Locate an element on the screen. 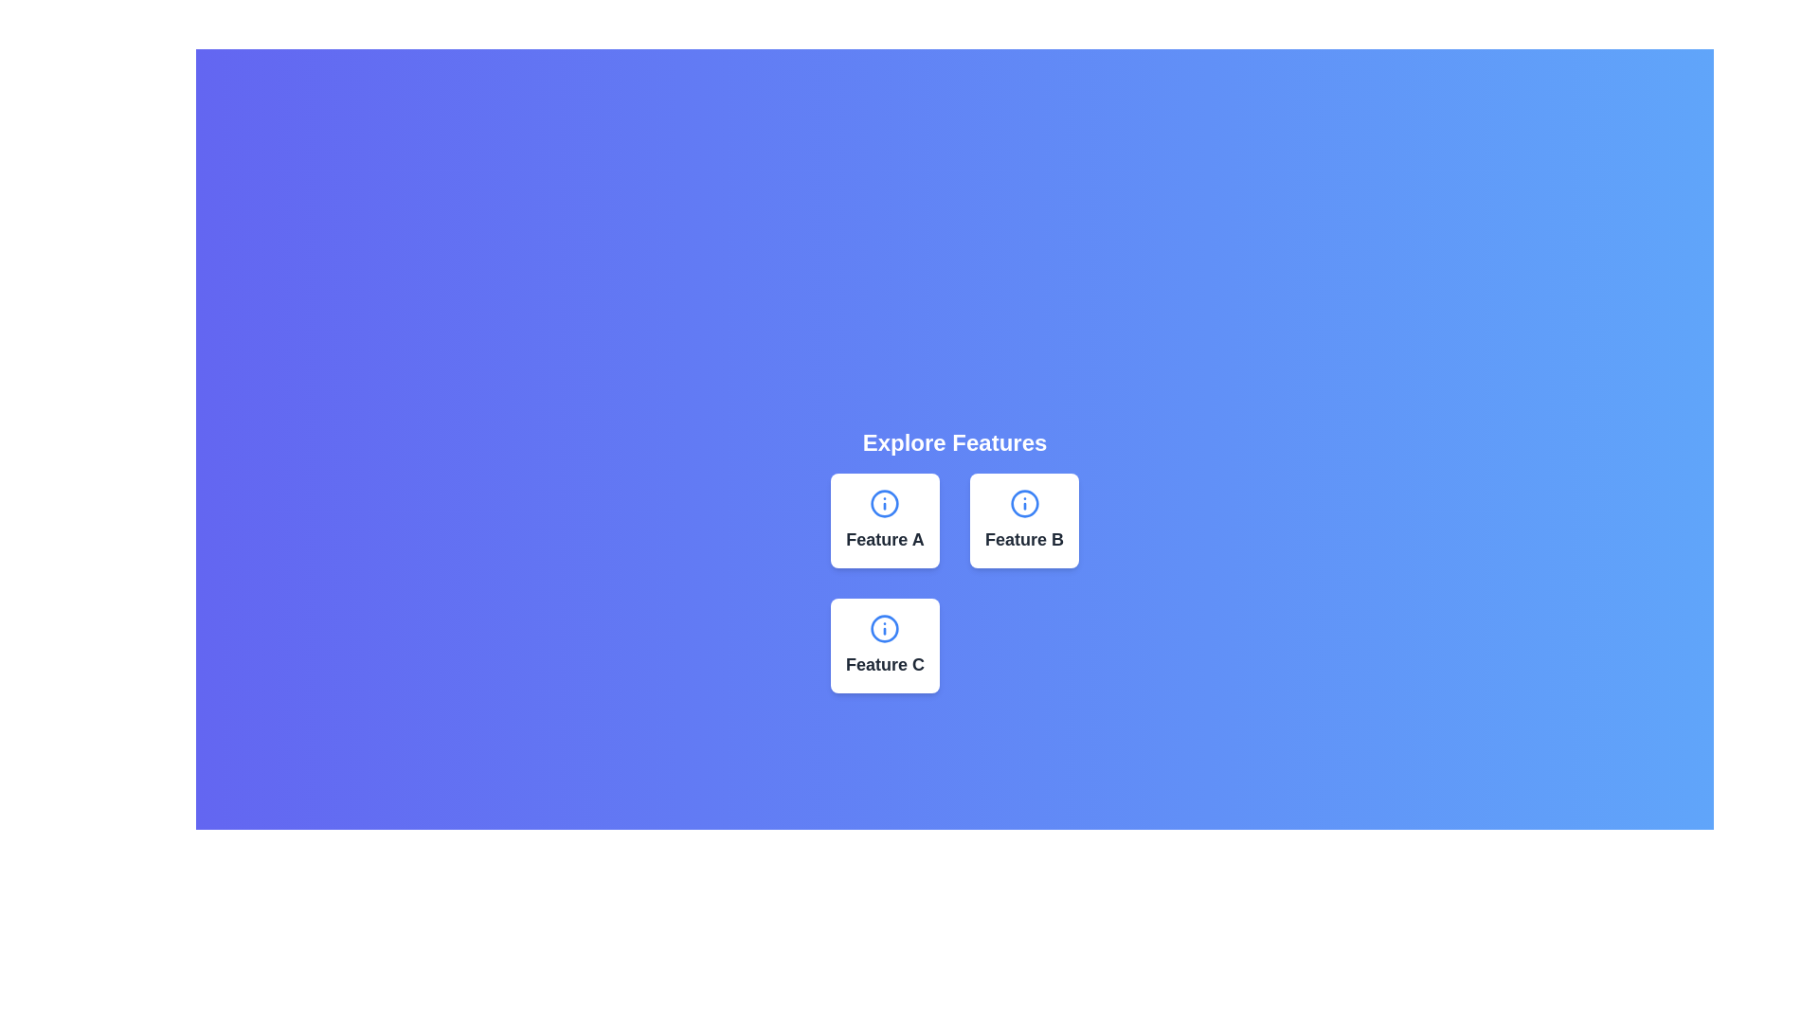 The image size is (1819, 1023). the interactive feature card labeled 'Feature A', which is the first card in a grid of three cards arranged in two rows is located at coordinates (884, 521).